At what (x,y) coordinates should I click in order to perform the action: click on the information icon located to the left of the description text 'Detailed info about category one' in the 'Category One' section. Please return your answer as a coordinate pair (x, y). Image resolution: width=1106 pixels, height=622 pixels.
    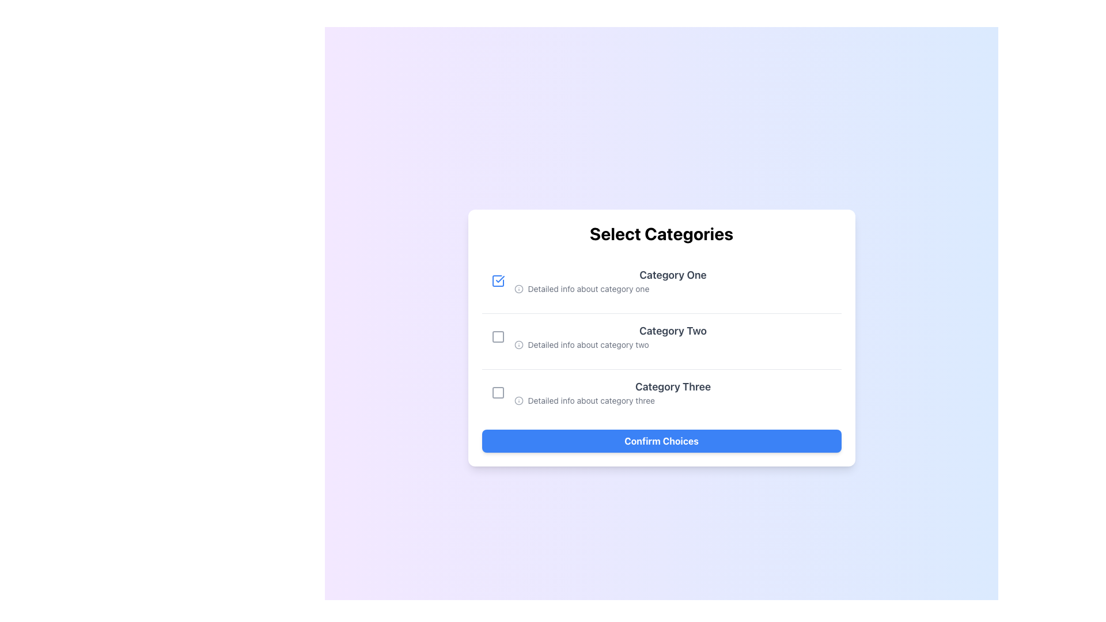
    Looking at the image, I should click on (518, 288).